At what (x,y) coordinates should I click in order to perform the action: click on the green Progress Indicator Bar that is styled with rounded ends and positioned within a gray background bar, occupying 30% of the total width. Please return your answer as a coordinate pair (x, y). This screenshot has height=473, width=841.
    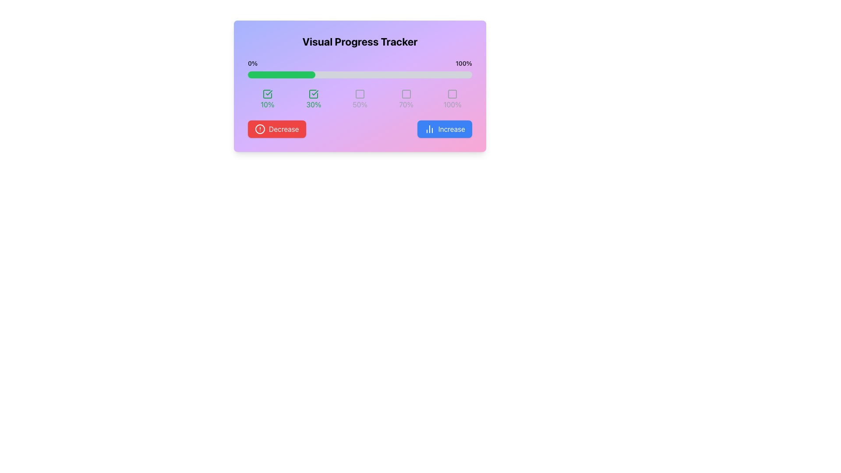
    Looking at the image, I should click on (281, 74).